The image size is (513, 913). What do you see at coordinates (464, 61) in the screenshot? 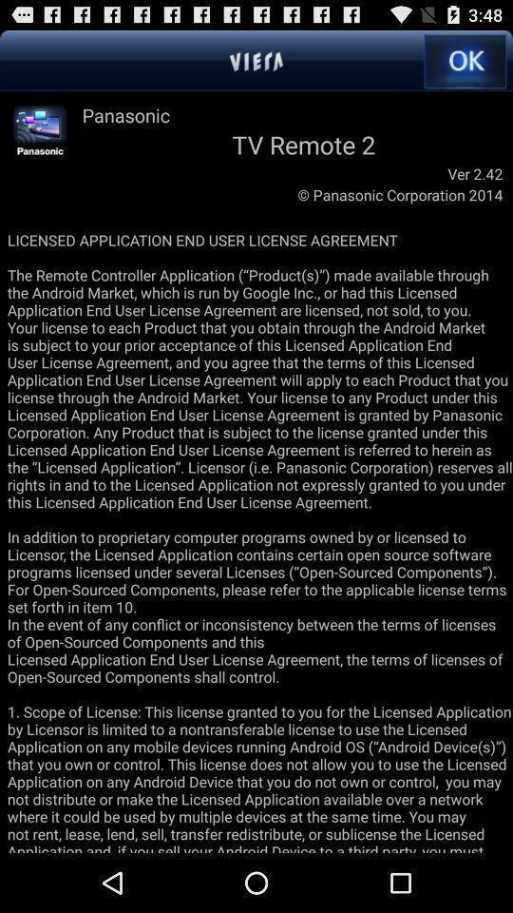
I see `ok button` at bounding box center [464, 61].